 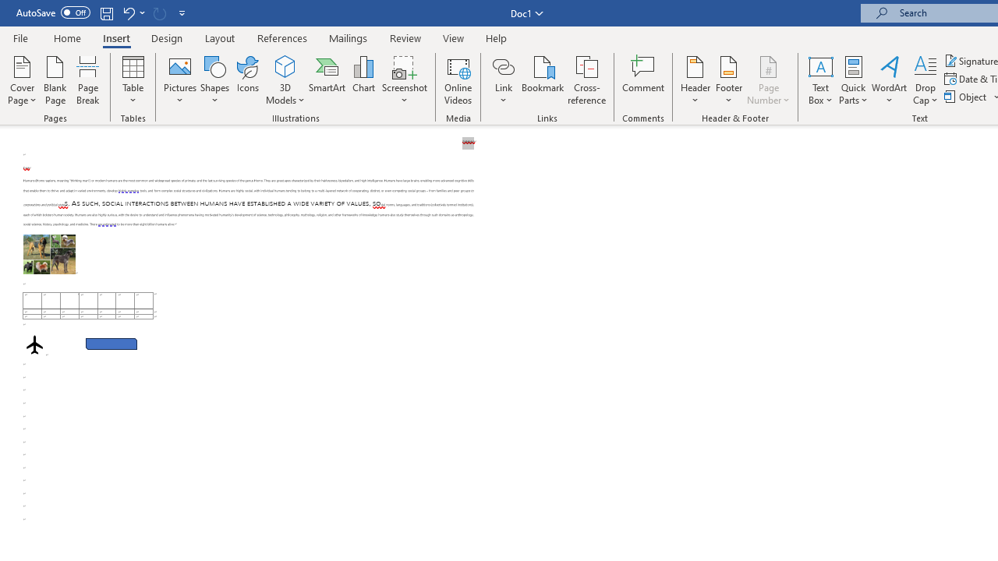 What do you see at coordinates (890, 80) in the screenshot?
I see `'WordArt'` at bounding box center [890, 80].